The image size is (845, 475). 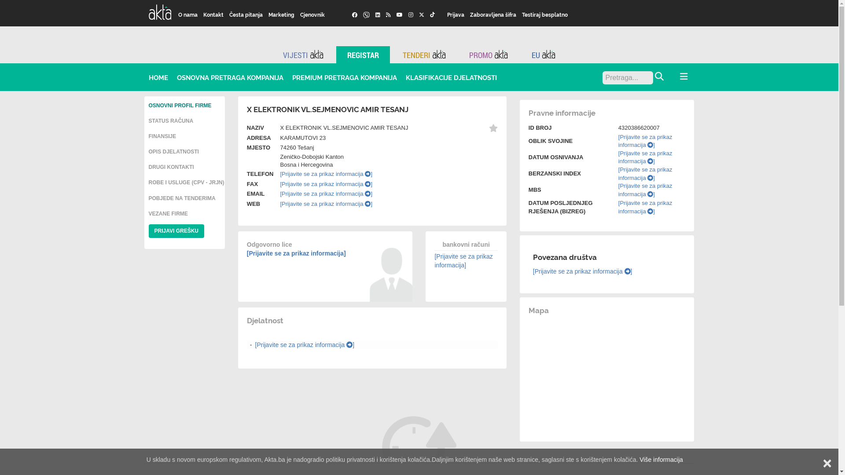 What do you see at coordinates (187, 15) in the screenshot?
I see `'O nama'` at bounding box center [187, 15].